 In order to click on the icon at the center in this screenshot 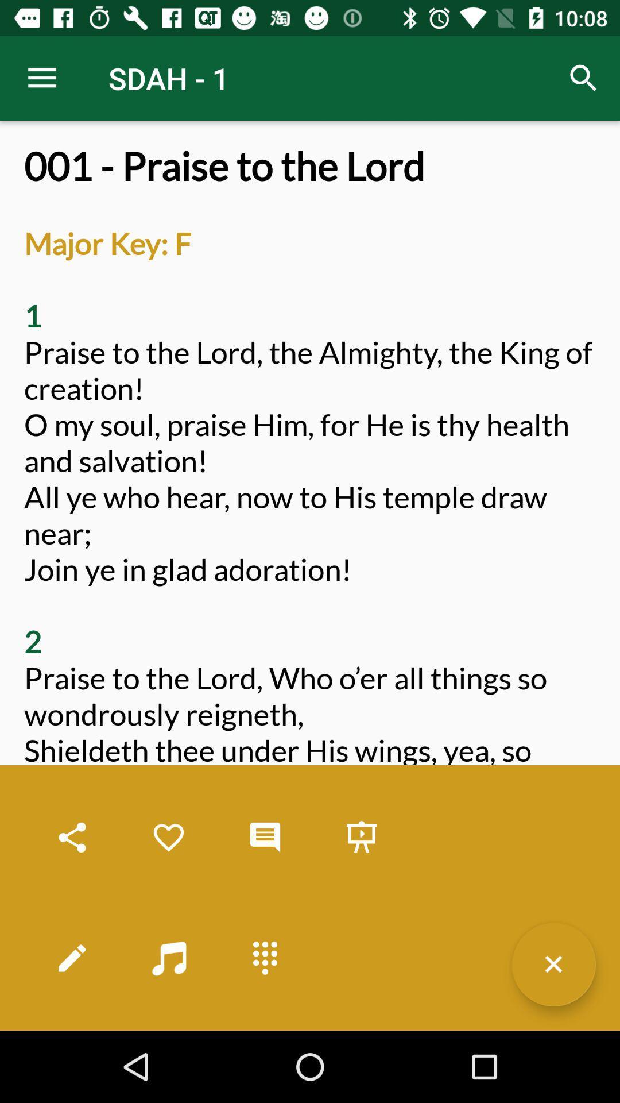, I will do `click(310, 587)`.